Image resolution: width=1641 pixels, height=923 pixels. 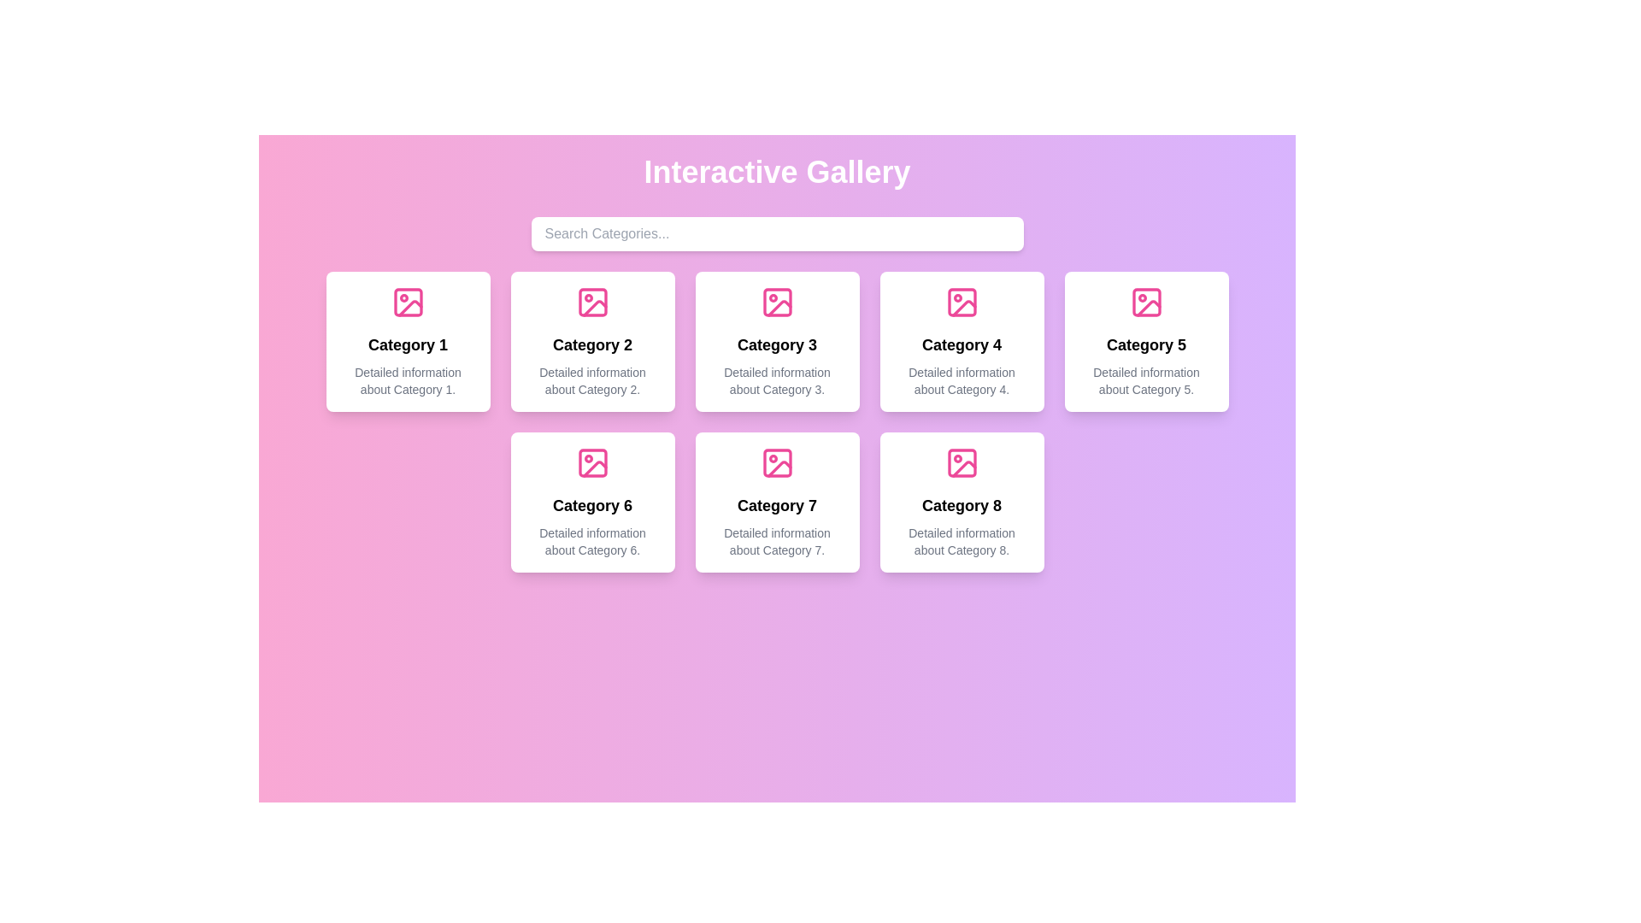 I want to click on the category card representing 'Category 7', which is positioned in the second row, third column of the gallery grid layout, so click(x=776, y=501).